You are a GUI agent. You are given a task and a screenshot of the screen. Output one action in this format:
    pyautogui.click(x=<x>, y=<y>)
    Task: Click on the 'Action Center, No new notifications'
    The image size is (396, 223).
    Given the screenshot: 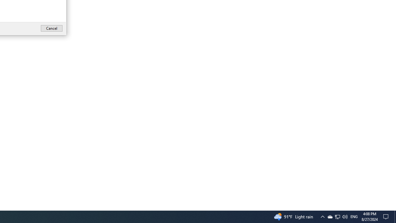 What is the action you would take?
    pyautogui.click(x=387, y=216)
    